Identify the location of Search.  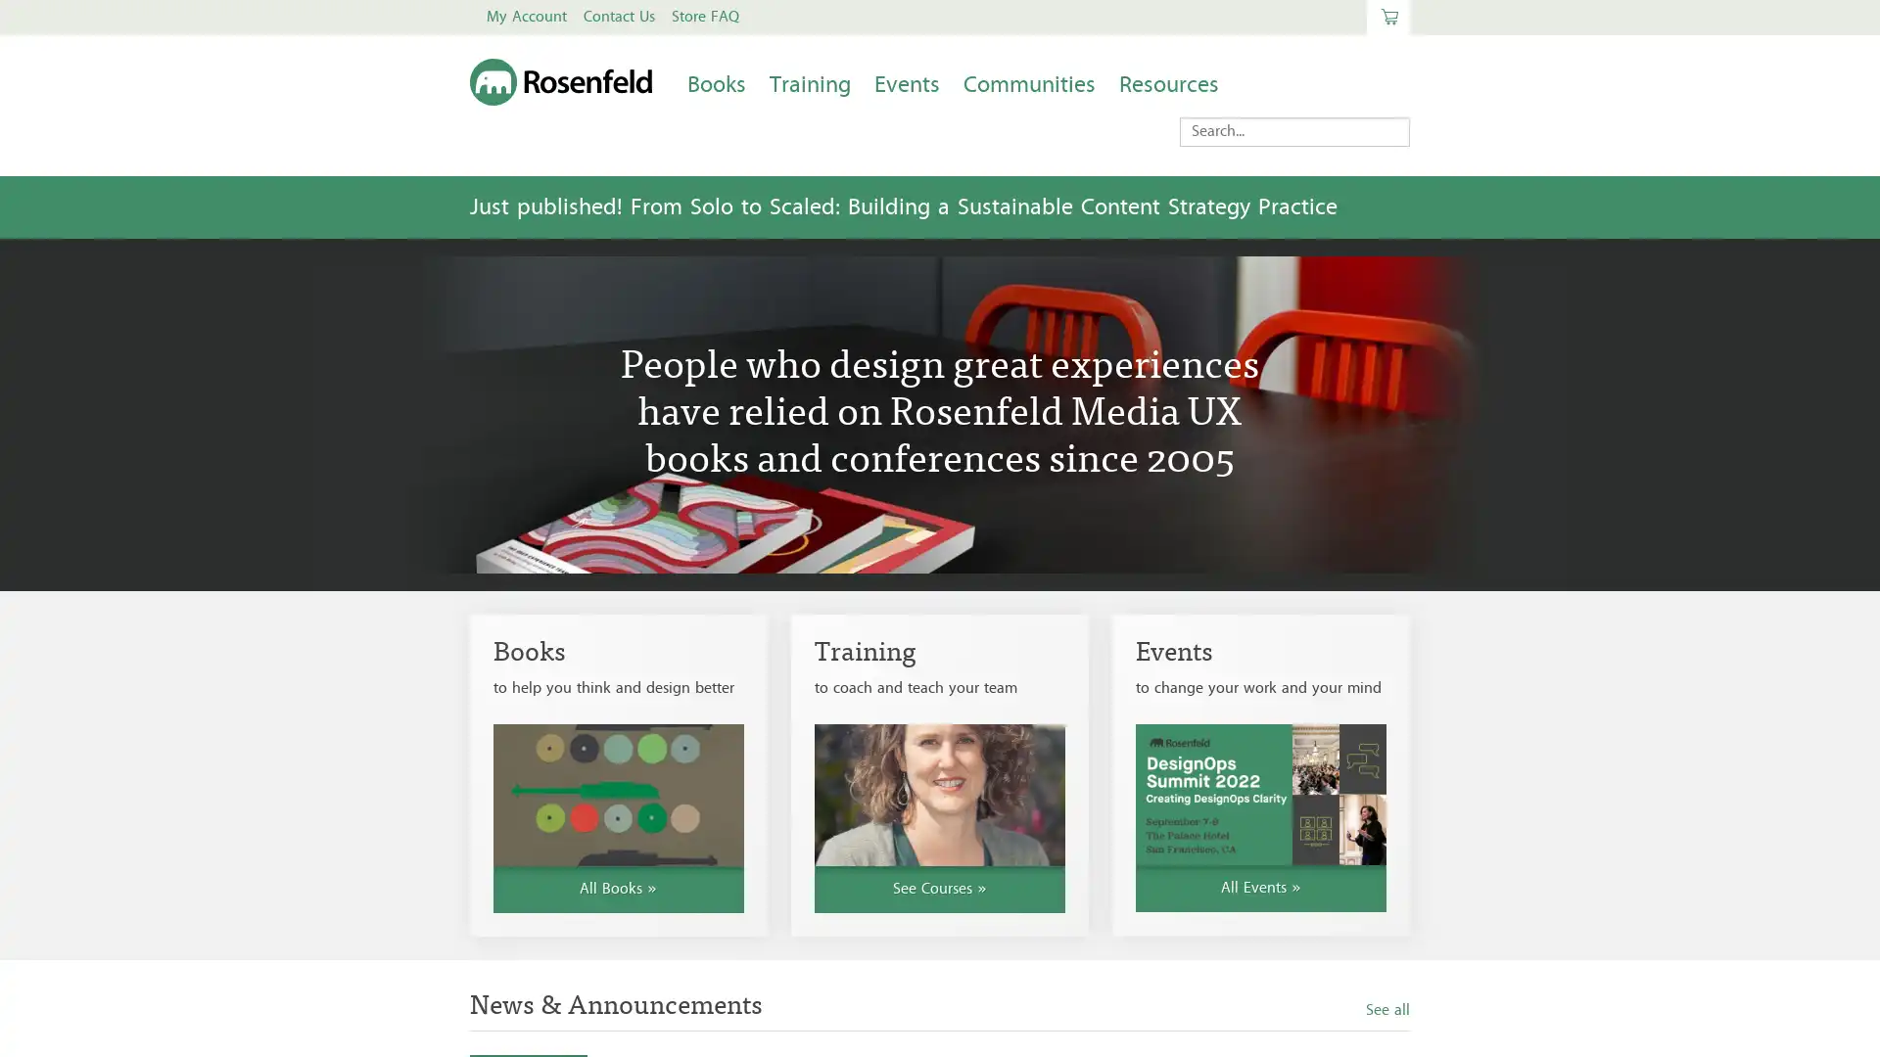
(1201, 128).